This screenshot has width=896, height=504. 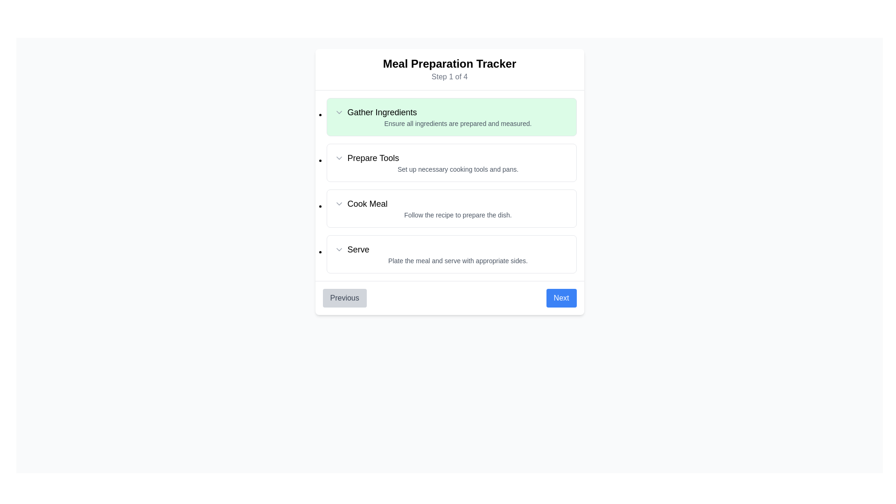 What do you see at coordinates (458, 123) in the screenshot?
I see `the descriptive text label that provides additional details for the 'Gather Ingredients' step in the Meal Preparation Tracker interface` at bounding box center [458, 123].